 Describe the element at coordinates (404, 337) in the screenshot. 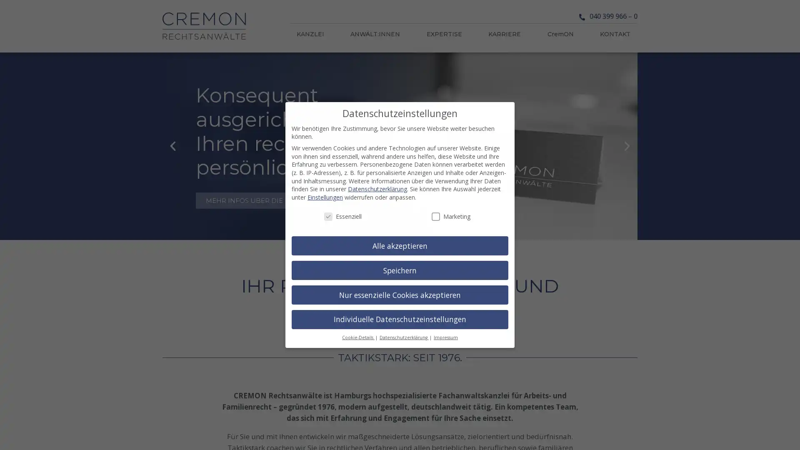

I see `Datenschutzerklarung` at that location.